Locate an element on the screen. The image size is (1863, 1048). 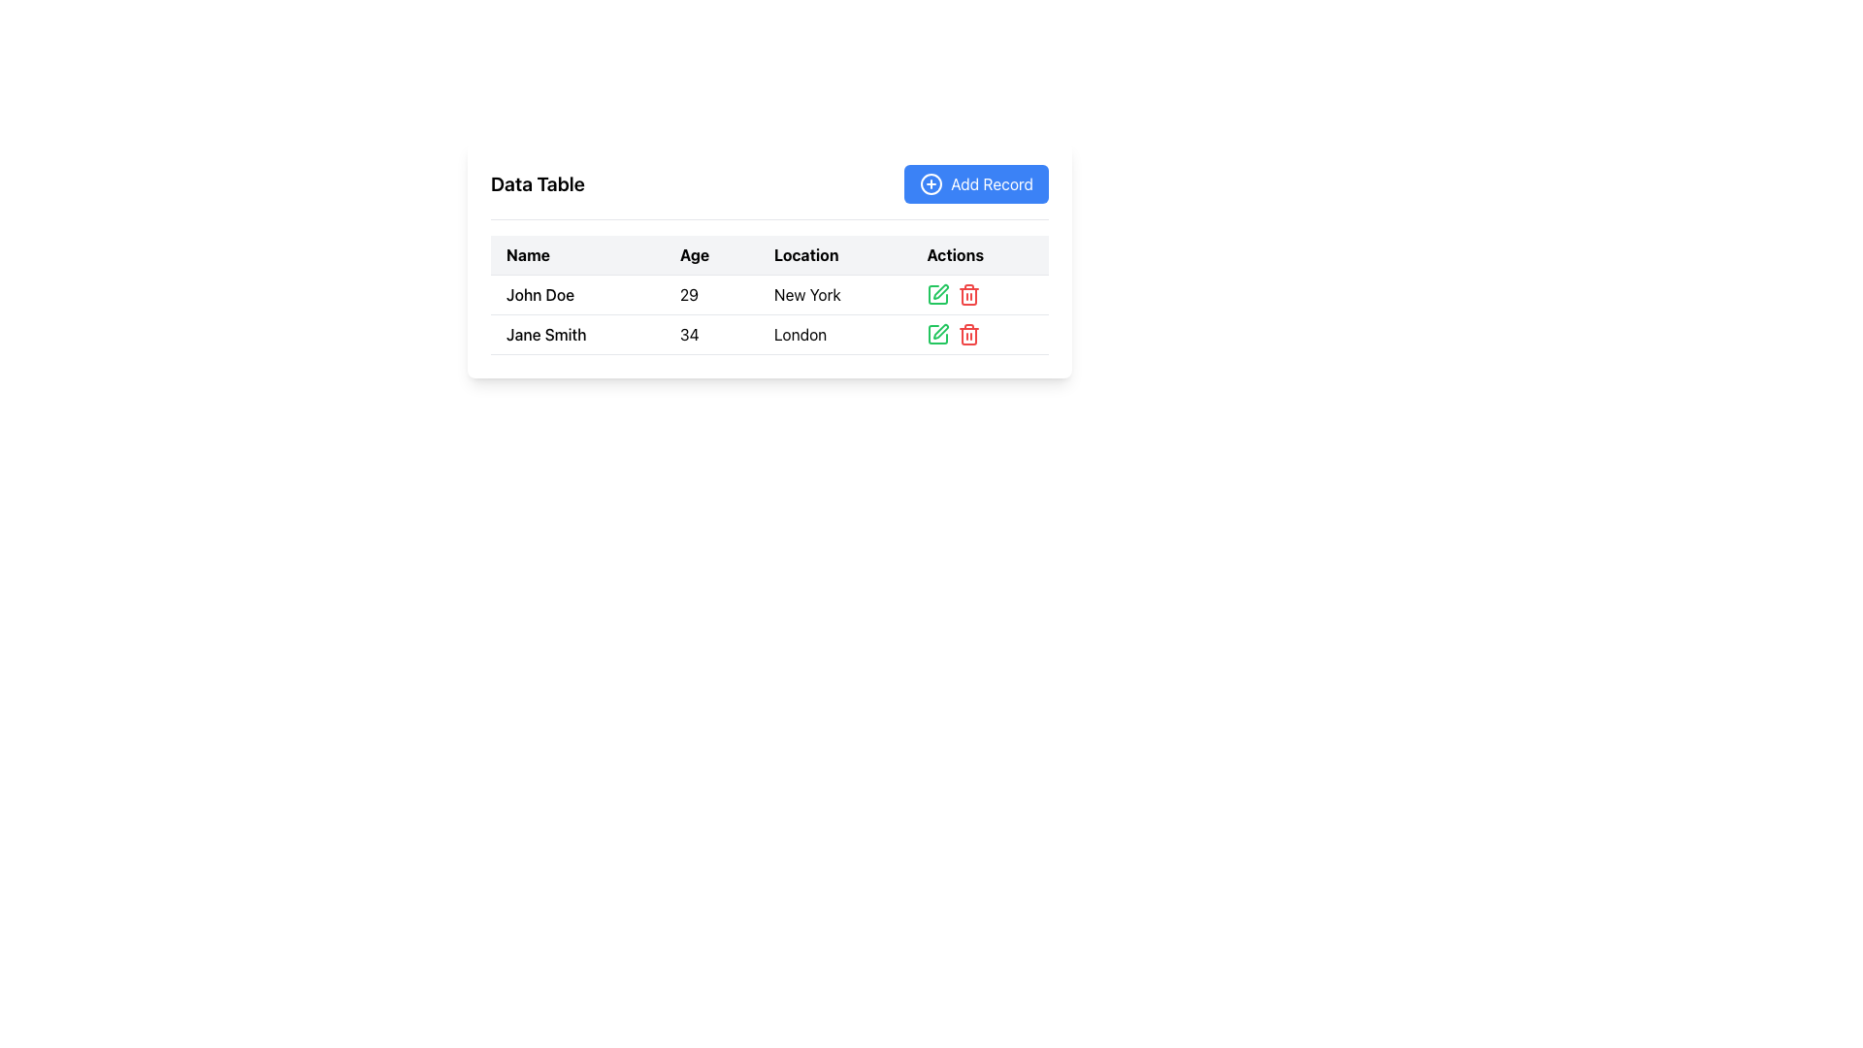
the Decorative Circle Icon located at the top-right of the 'Add Record' button near the header of the data table layout is located at coordinates (931, 183).